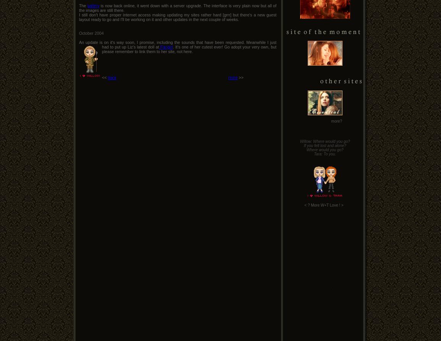 This screenshot has height=341, width=441. Describe the element at coordinates (342, 205) in the screenshot. I see `'>'` at that location.